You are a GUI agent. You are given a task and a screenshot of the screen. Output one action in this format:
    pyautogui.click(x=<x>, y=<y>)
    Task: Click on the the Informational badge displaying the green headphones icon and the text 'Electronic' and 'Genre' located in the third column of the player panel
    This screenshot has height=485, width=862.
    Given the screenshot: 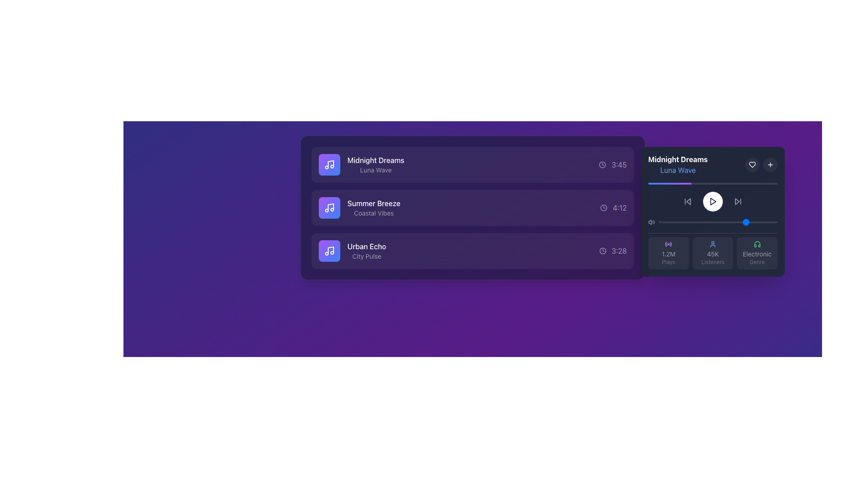 What is the action you would take?
    pyautogui.click(x=756, y=253)
    